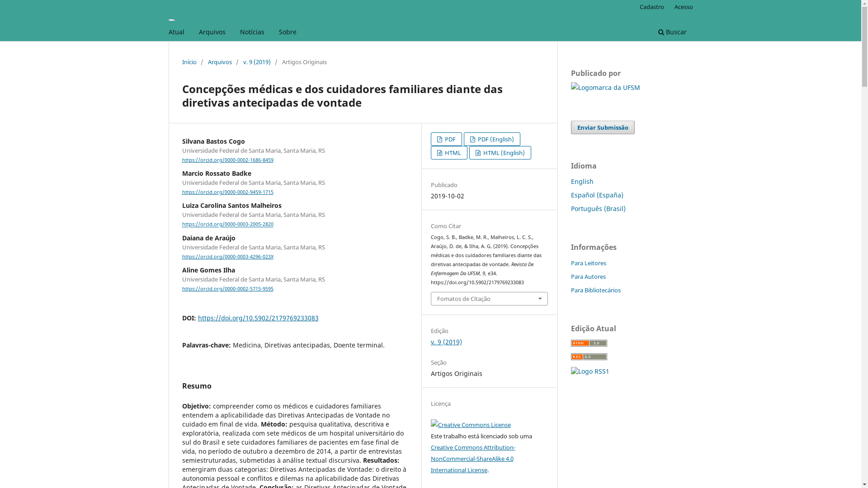  What do you see at coordinates (684, 7) in the screenshot?
I see `'Acesso'` at bounding box center [684, 7].